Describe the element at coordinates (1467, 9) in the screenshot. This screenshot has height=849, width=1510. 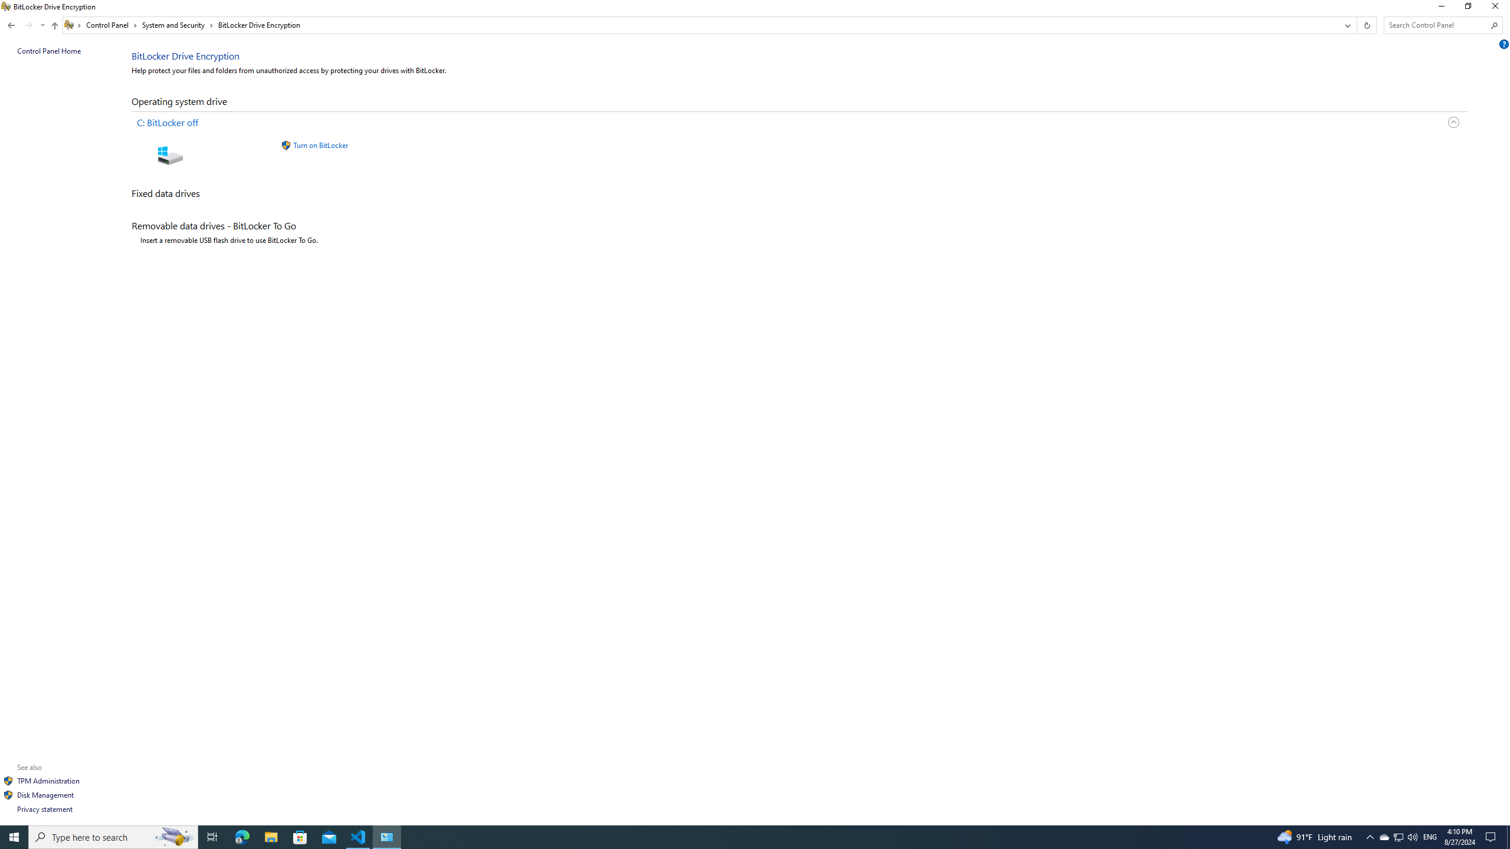
I see `'Restore'` at that location.